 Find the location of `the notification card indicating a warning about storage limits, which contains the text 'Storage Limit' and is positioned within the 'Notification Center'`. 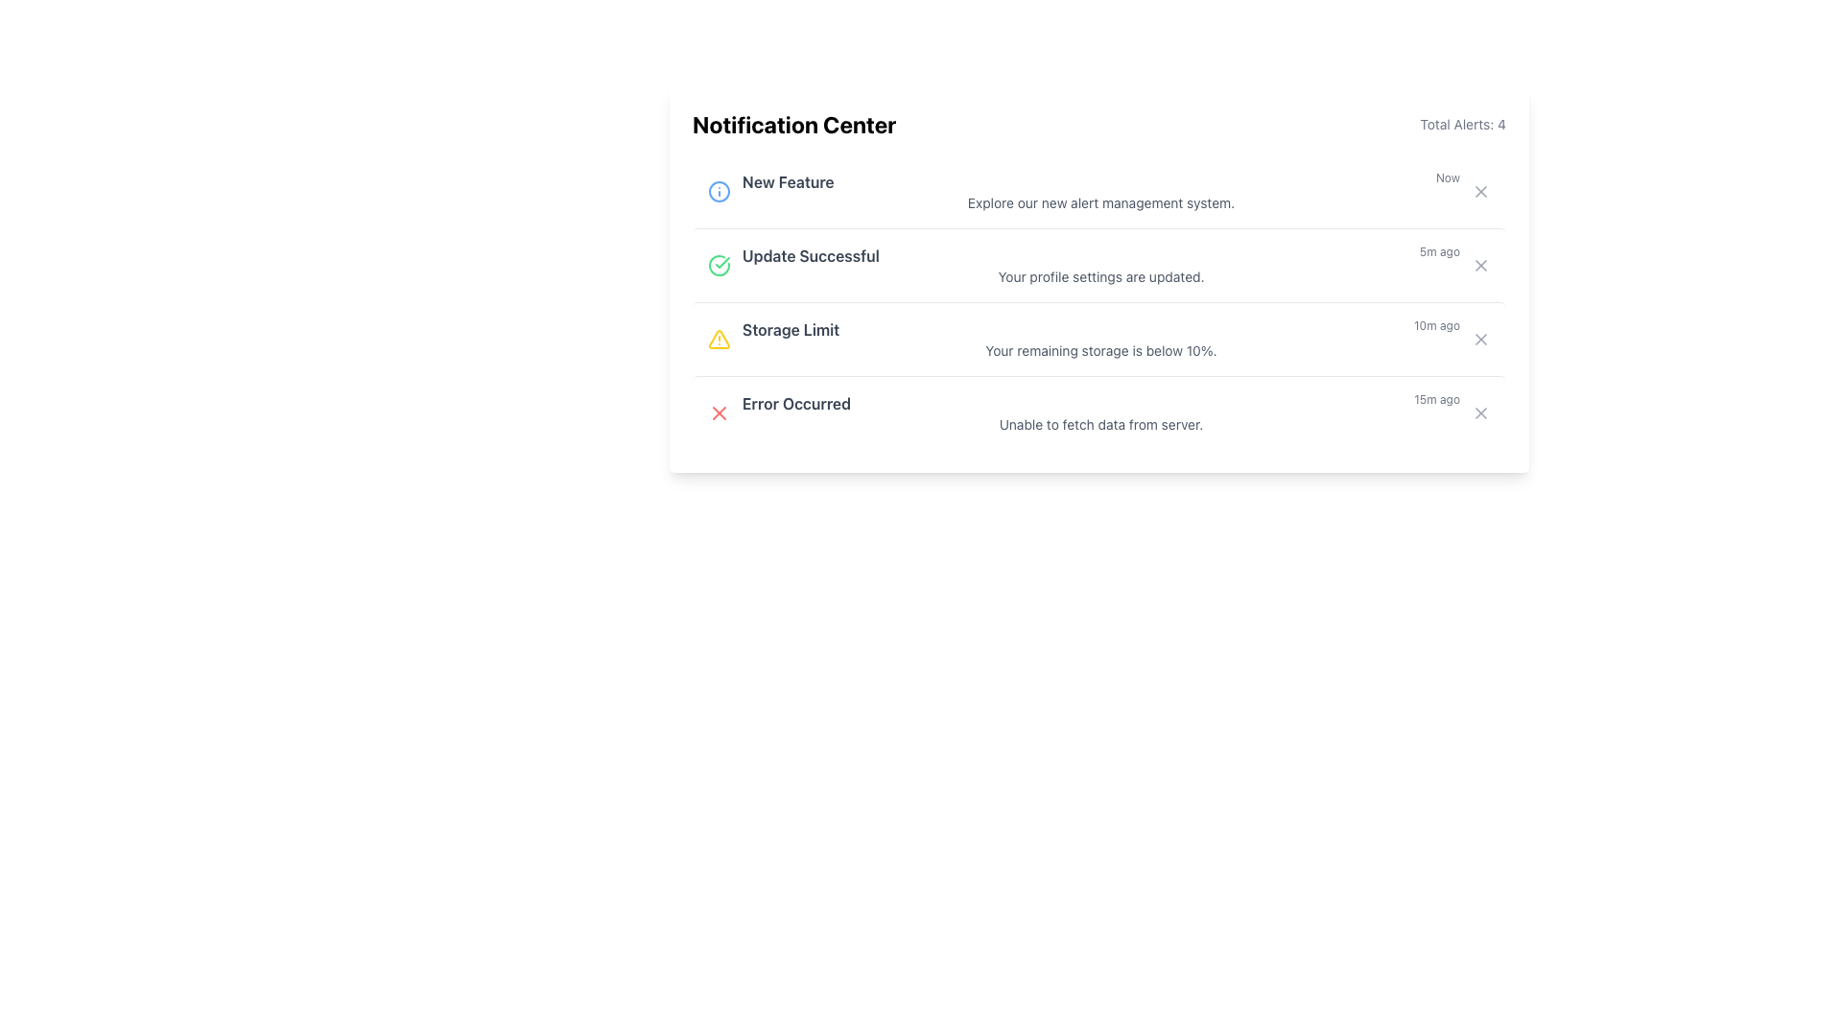

the notification card indicating a warning about storage limits, which contains the text 'Storage Limit' and is positioned within the 'Notification Center' is located at coordinates (1099, 338).